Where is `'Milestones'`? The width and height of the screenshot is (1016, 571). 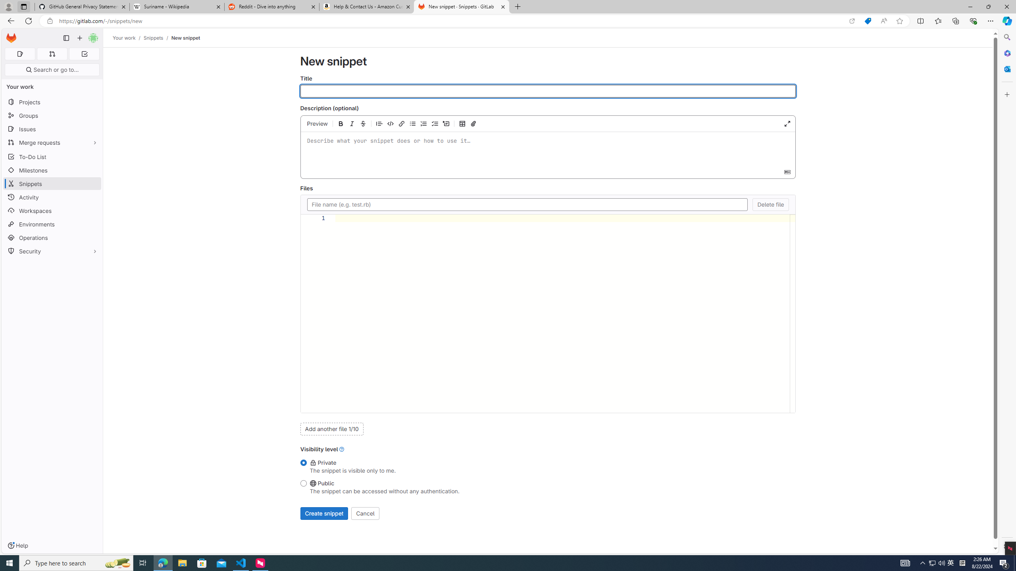
'Milestones' is located at coordinates (52, 170).